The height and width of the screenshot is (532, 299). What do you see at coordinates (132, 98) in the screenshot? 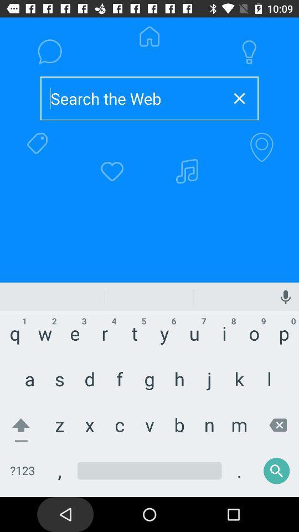
I see `type to search` at bounding box center [132, 98].